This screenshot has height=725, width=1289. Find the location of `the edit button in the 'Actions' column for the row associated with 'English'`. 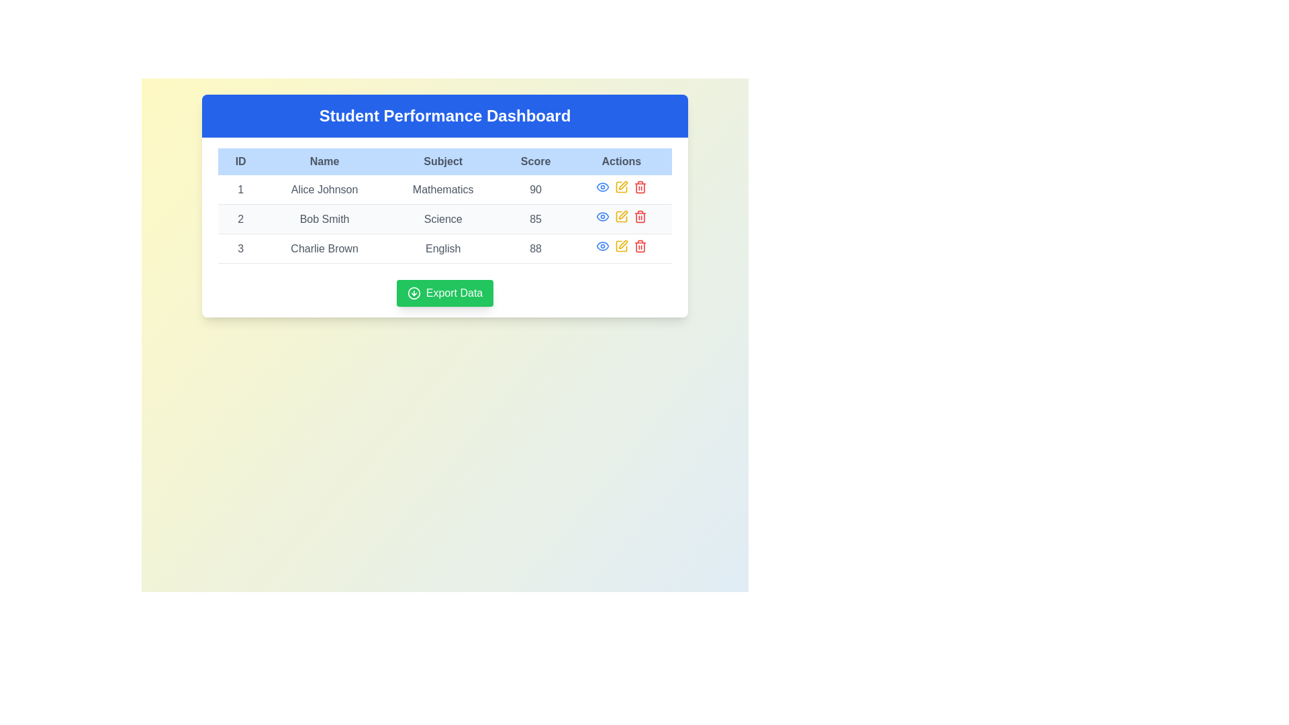

the edit button in the 'Actions' column for the row associated with 'English' is located at coordinates (620, 246).